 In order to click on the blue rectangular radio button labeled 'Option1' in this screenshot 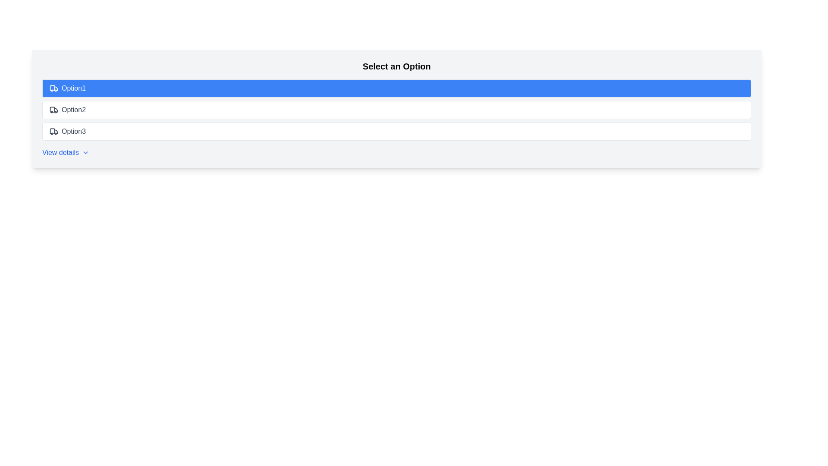, I will do `click(396, 88)`.